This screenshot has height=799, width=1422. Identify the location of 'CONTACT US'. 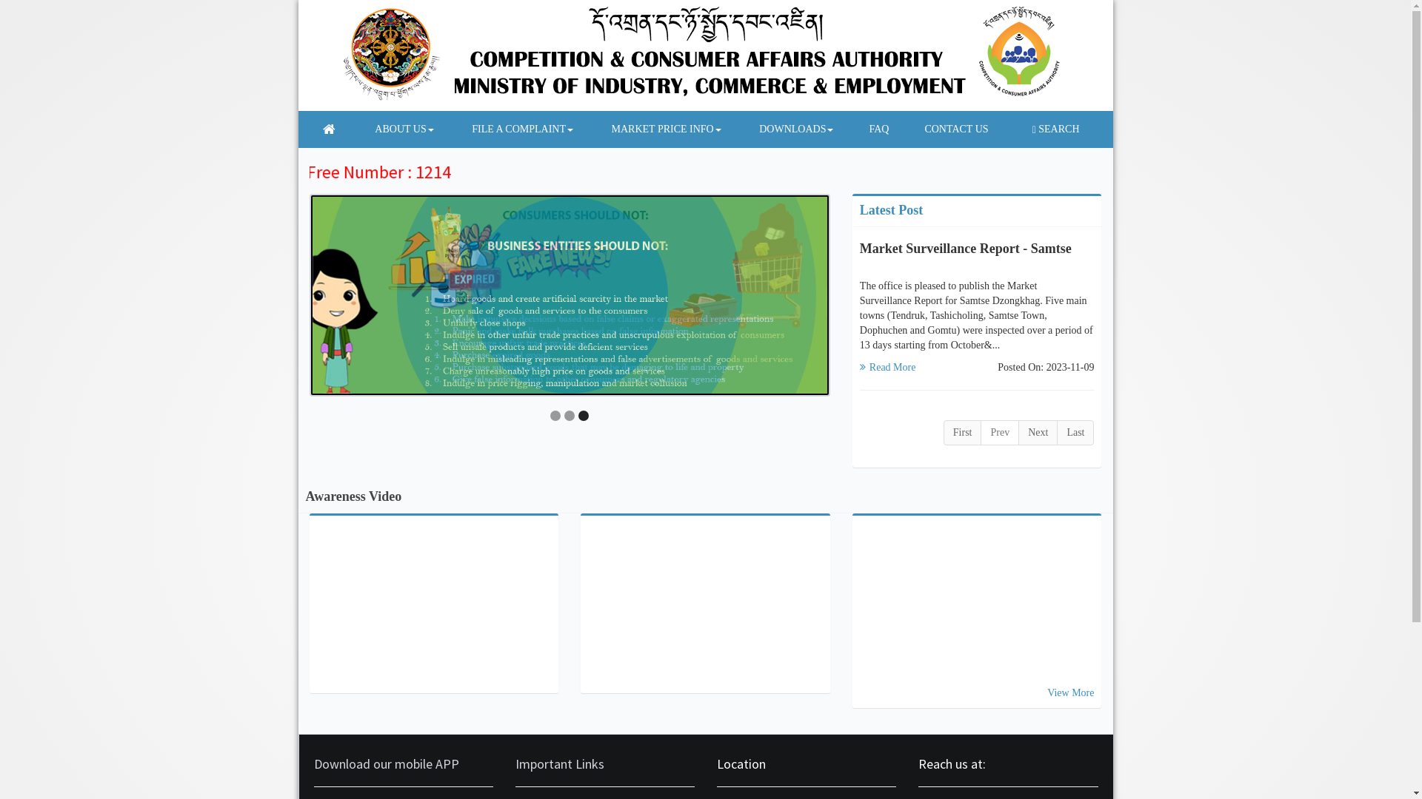
(898, 128).